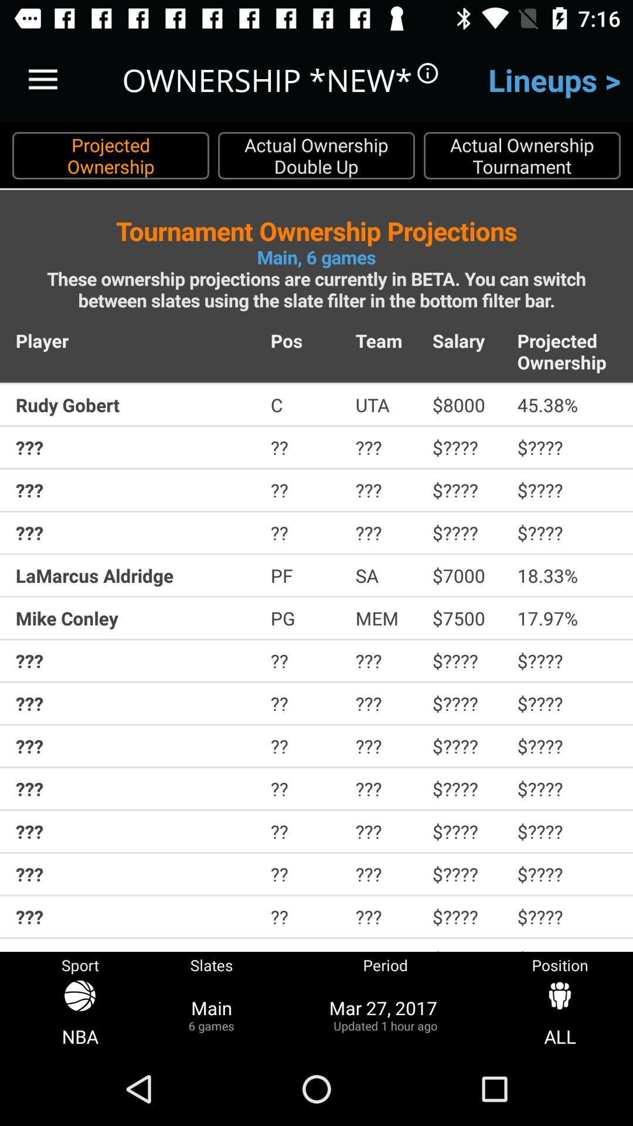  What do you see at coordinates (304, 340) in the screenshot?
I see `icon to the left of team item` at bounding box center [304, 340].